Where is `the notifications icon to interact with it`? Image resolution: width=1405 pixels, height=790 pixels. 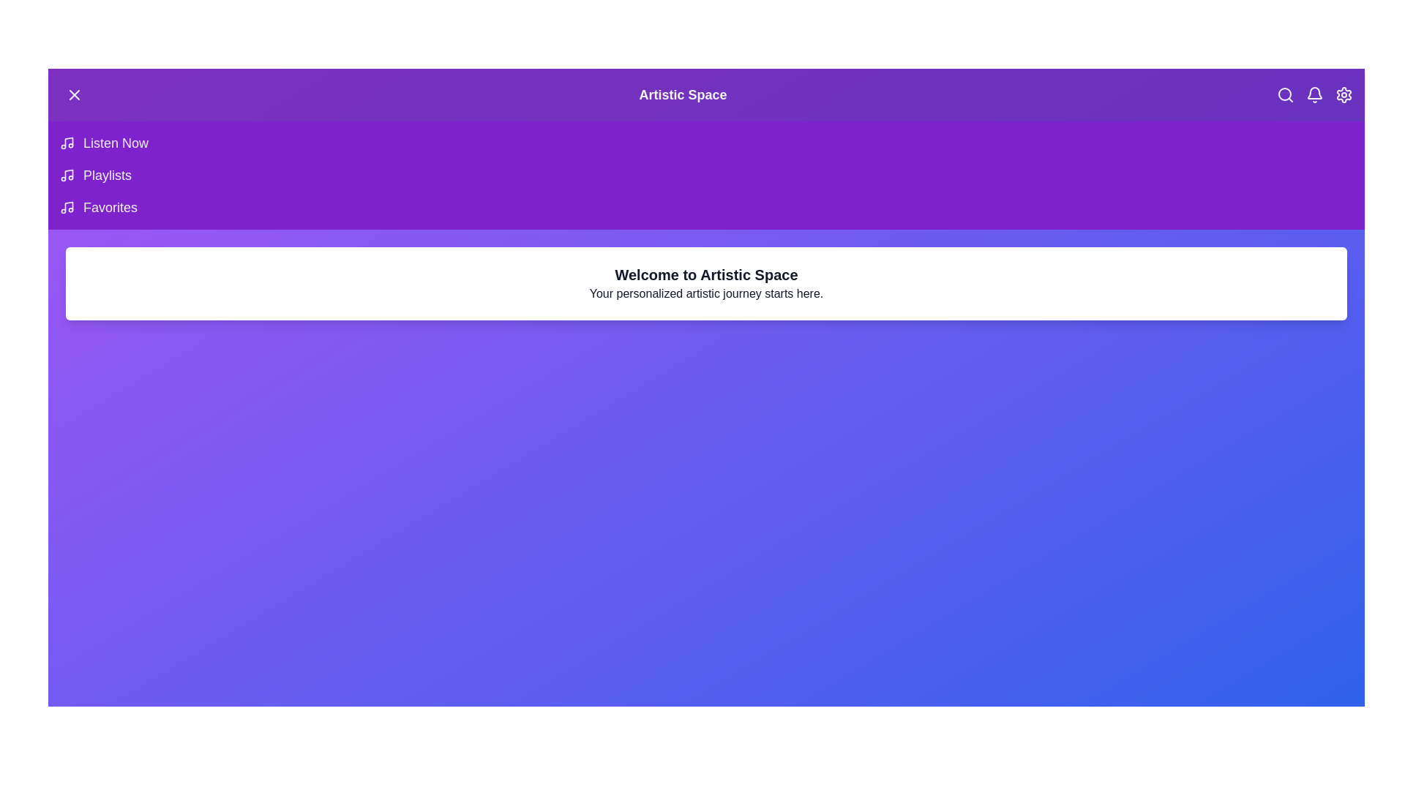
the notifications icon to interact with it is located at coordinates (1314, 95).